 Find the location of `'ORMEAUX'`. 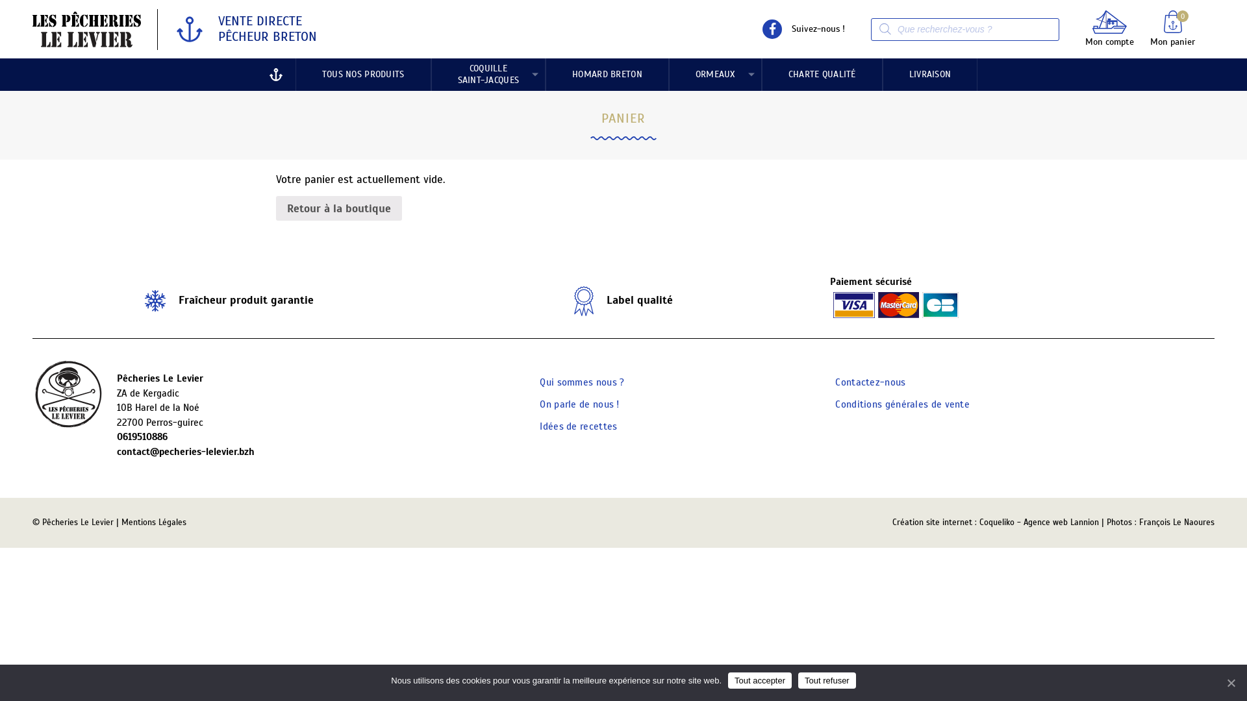

'ORMEAUX' is located at coordinates (714, 75).